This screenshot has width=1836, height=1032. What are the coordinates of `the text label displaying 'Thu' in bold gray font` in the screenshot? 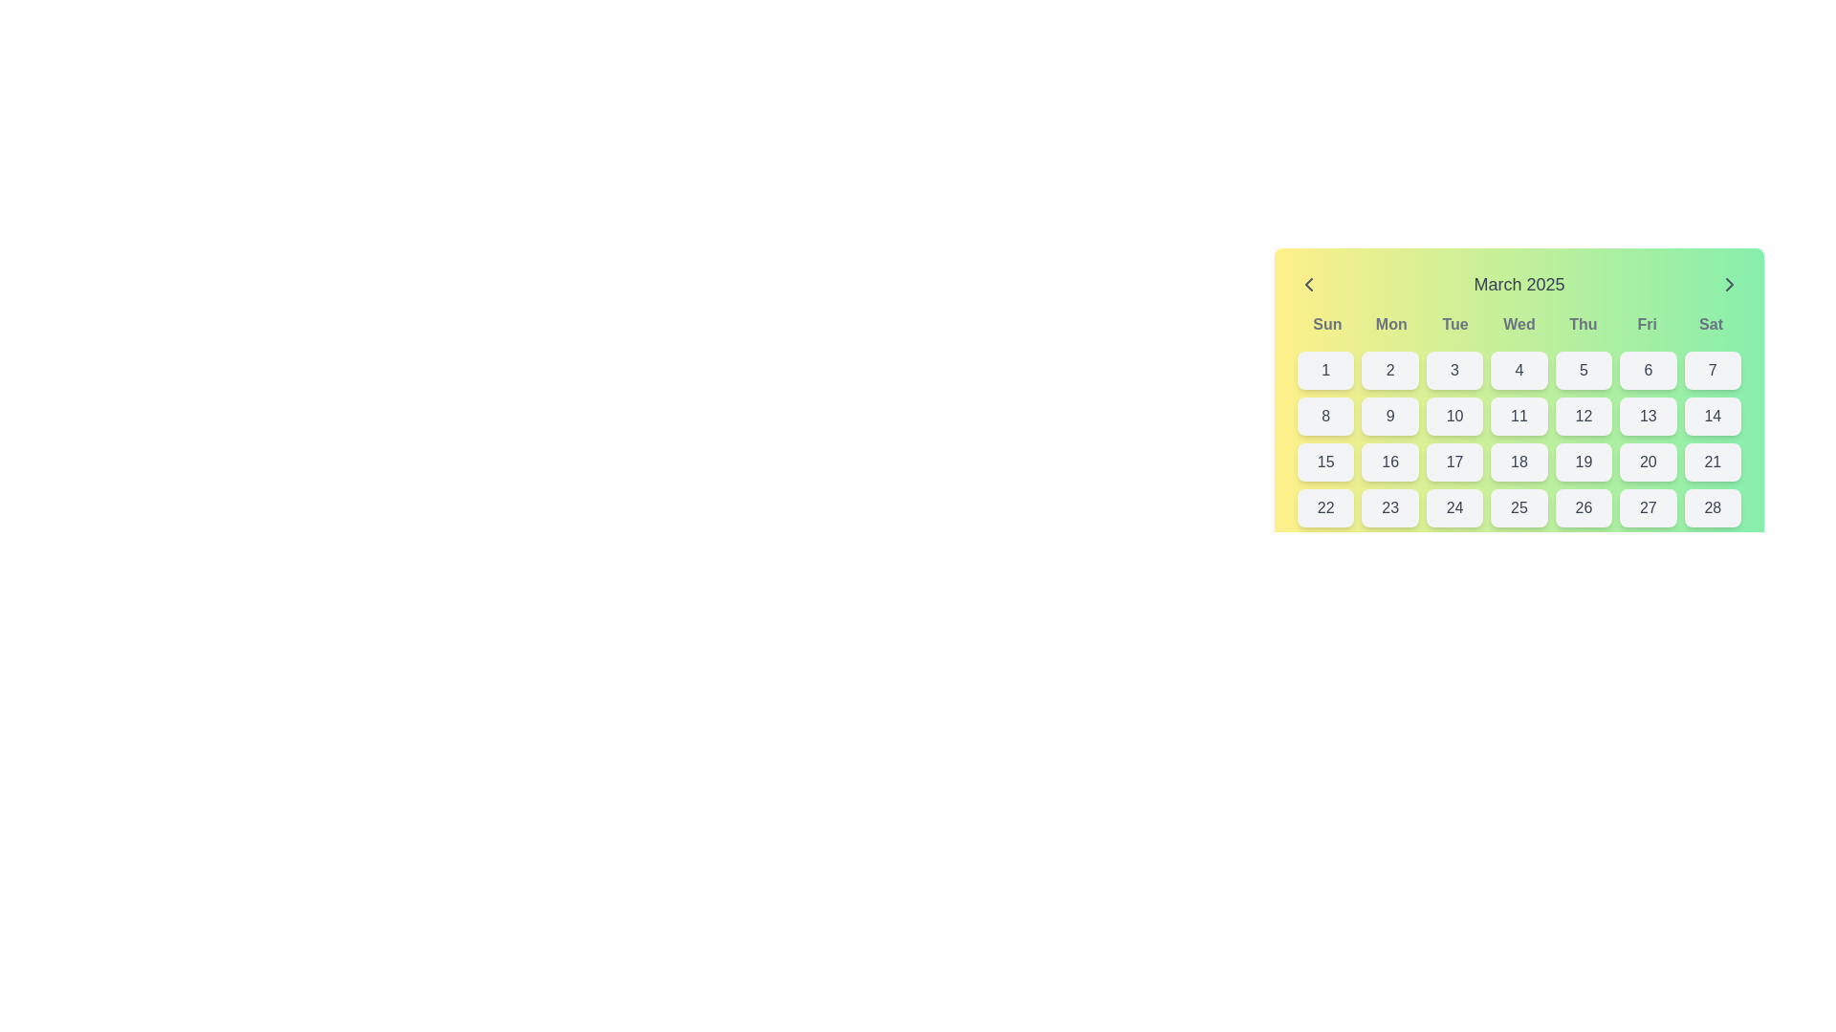 It's located at (1583, 323).